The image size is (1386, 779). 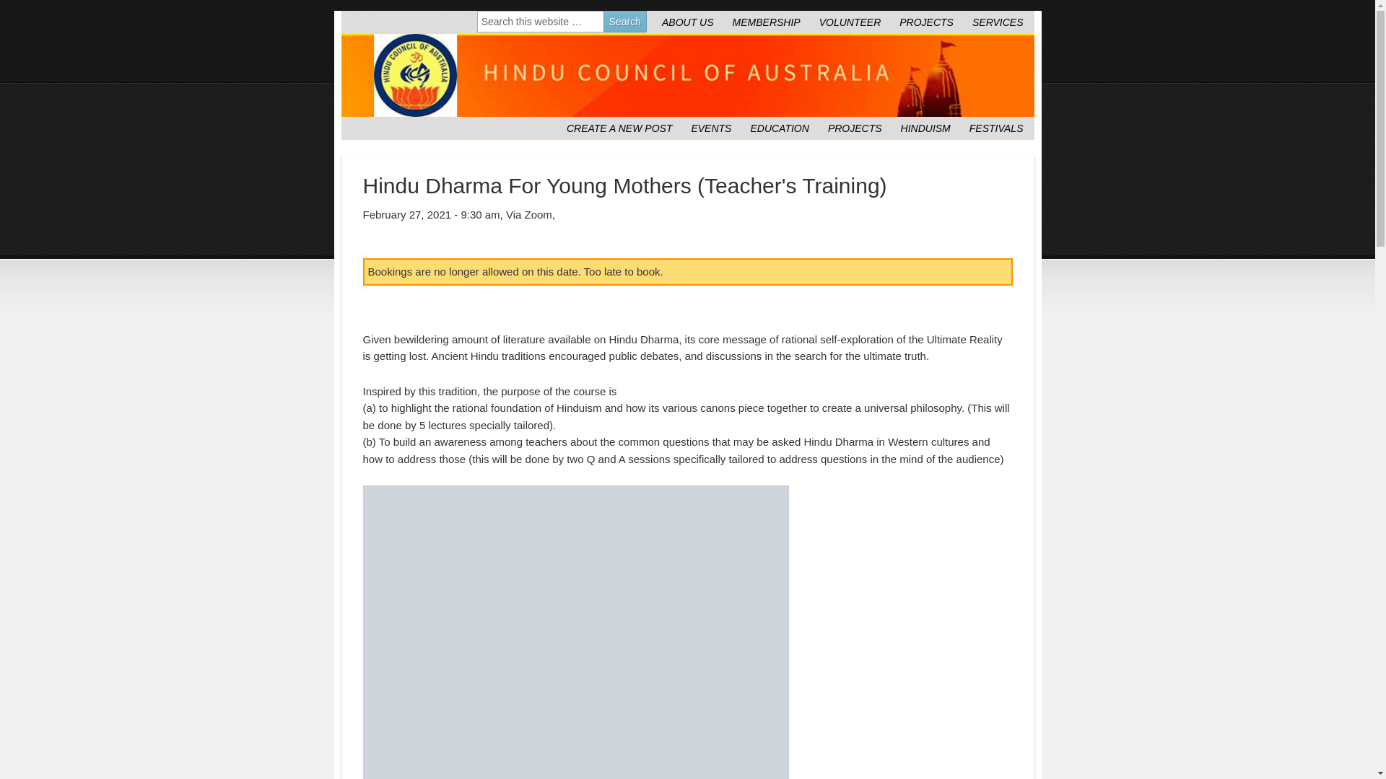 What do you see at coordinates (997, 22) in the screenshot?
I see `'SERVICES'` at bounding box center [997, 22].